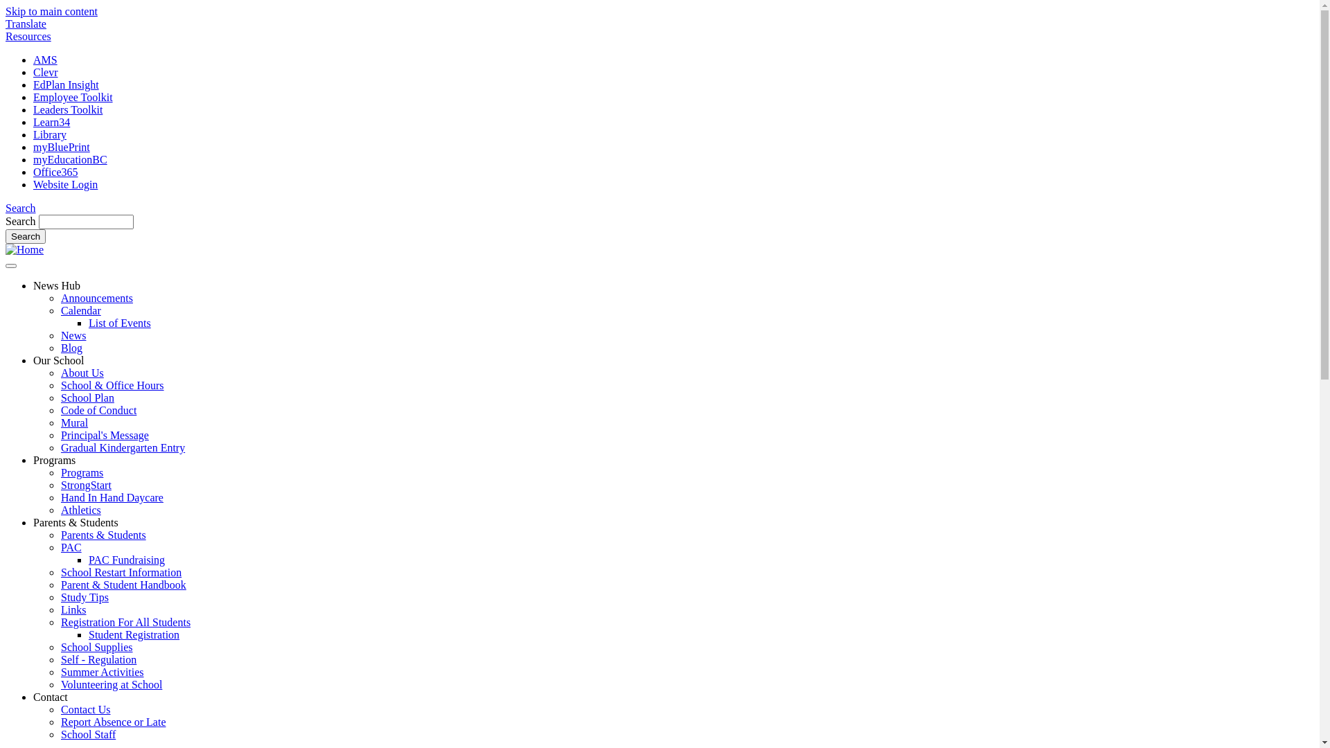  I want to click on 'Blog', so click(71, 347).